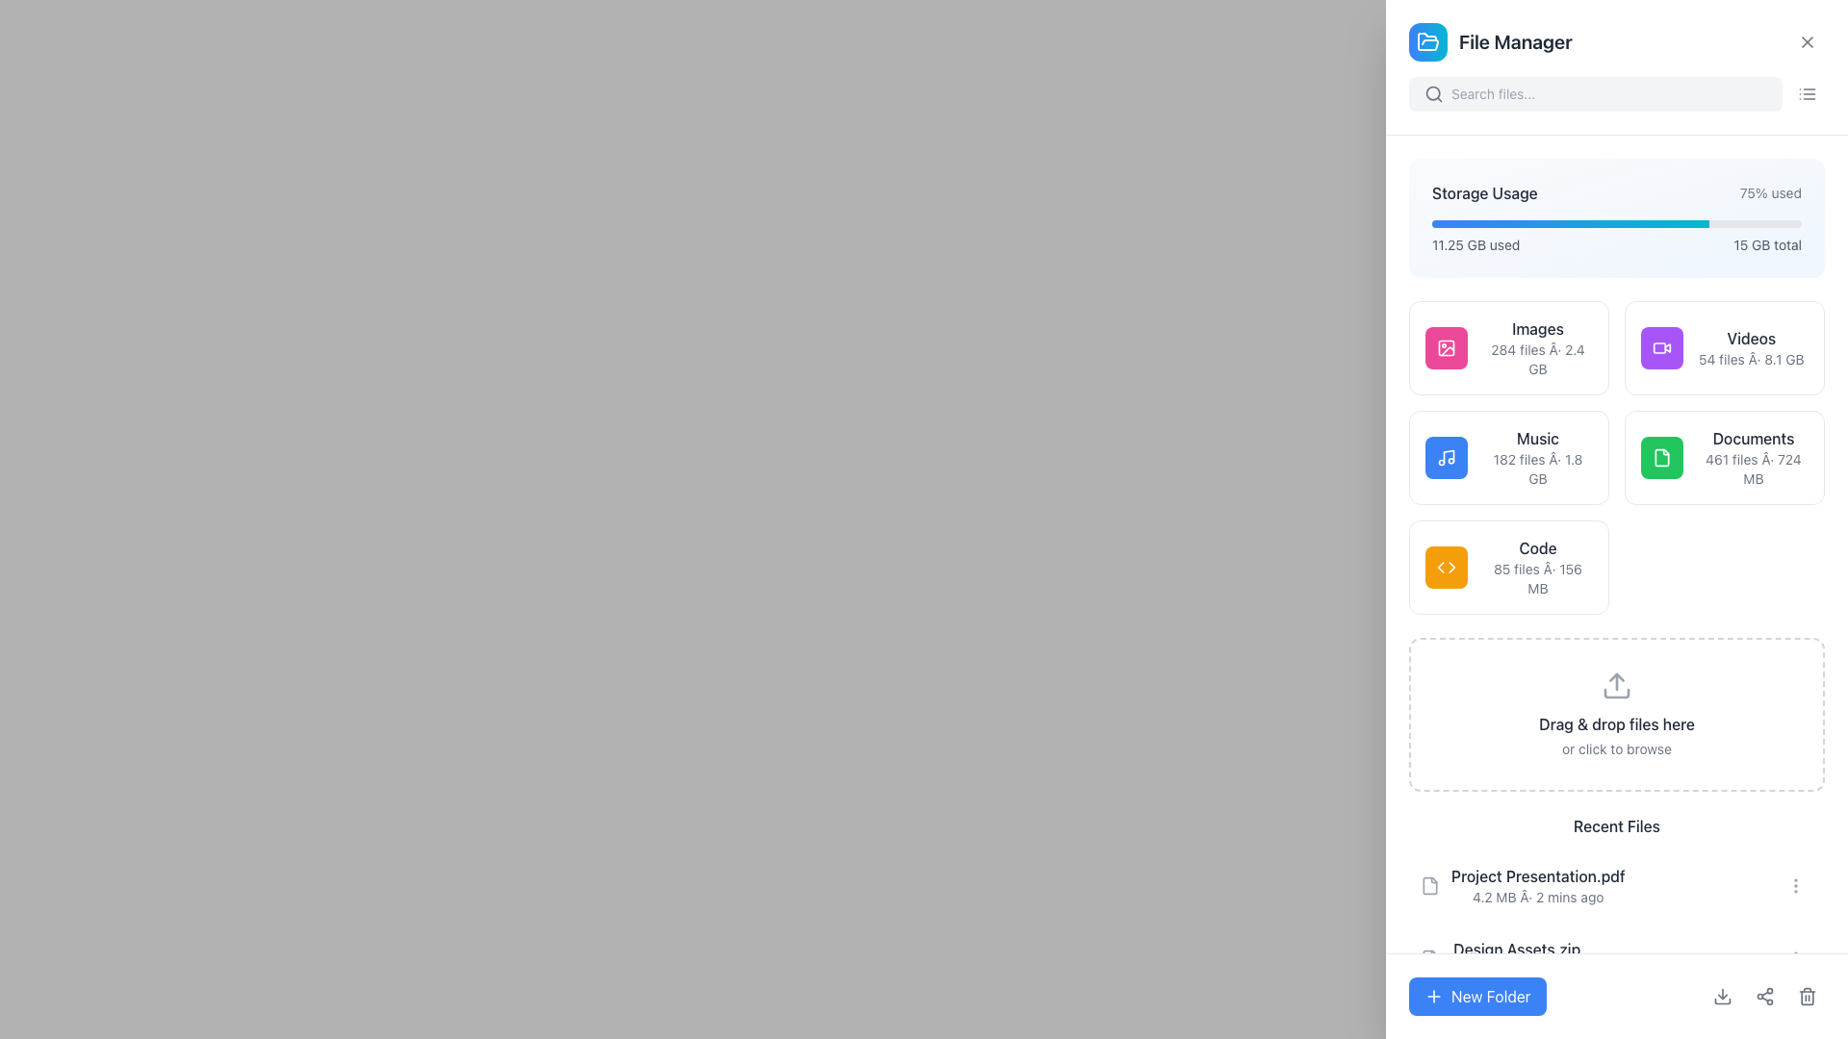 The height and width of the screenshot is (1039, 1848). I want to click on the 'Images' category label, which serves as a non-interactive informational text element positioned at the top of the file manager card, indicating the content type, so click(1537, 328).